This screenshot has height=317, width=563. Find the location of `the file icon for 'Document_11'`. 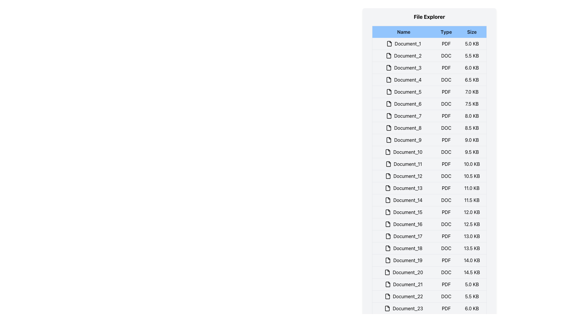

the file icon for 'Document_11' is located at coordinates (388, 164).